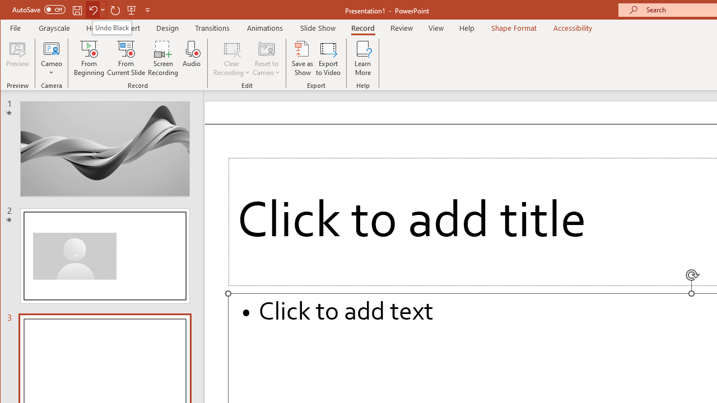 The height and width of the screenshot is (403, 717). I want to click on 'Cameo', so click(51, 48).